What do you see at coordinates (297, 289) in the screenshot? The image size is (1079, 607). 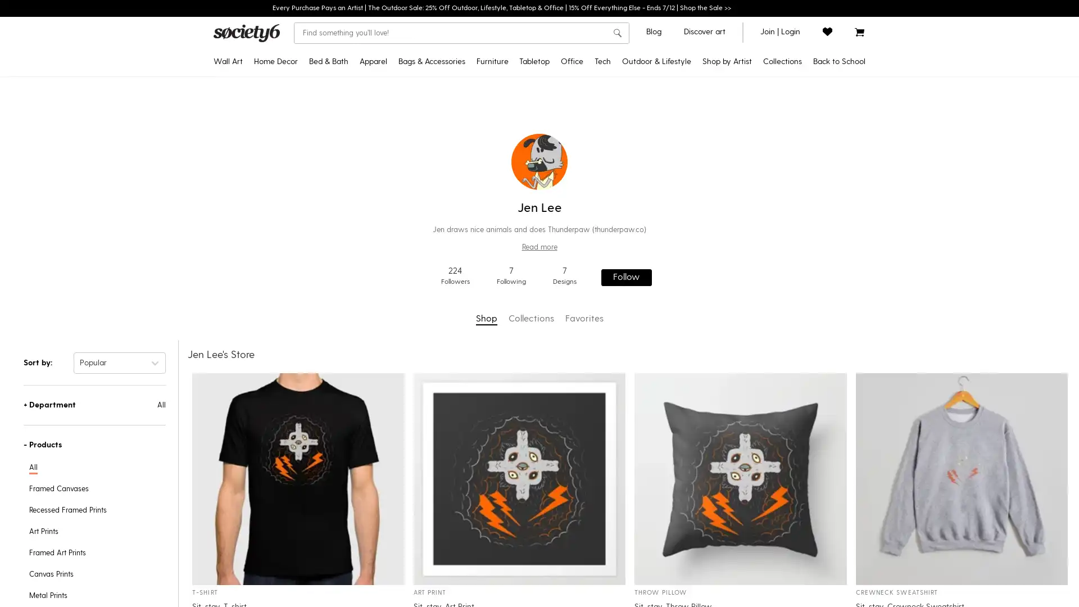 I see `Wall Murals` at bounding box center [297, 289].